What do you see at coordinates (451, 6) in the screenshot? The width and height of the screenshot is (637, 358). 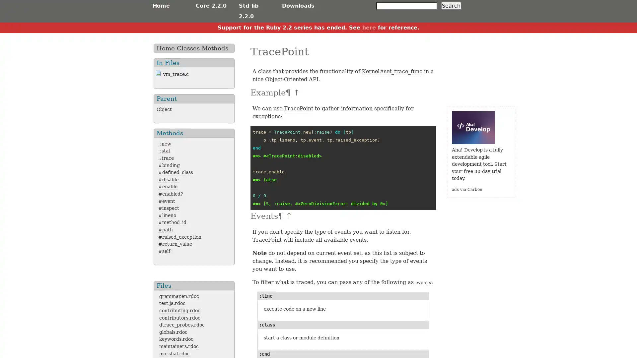 I see `Search` at bounding box center [451, 6].